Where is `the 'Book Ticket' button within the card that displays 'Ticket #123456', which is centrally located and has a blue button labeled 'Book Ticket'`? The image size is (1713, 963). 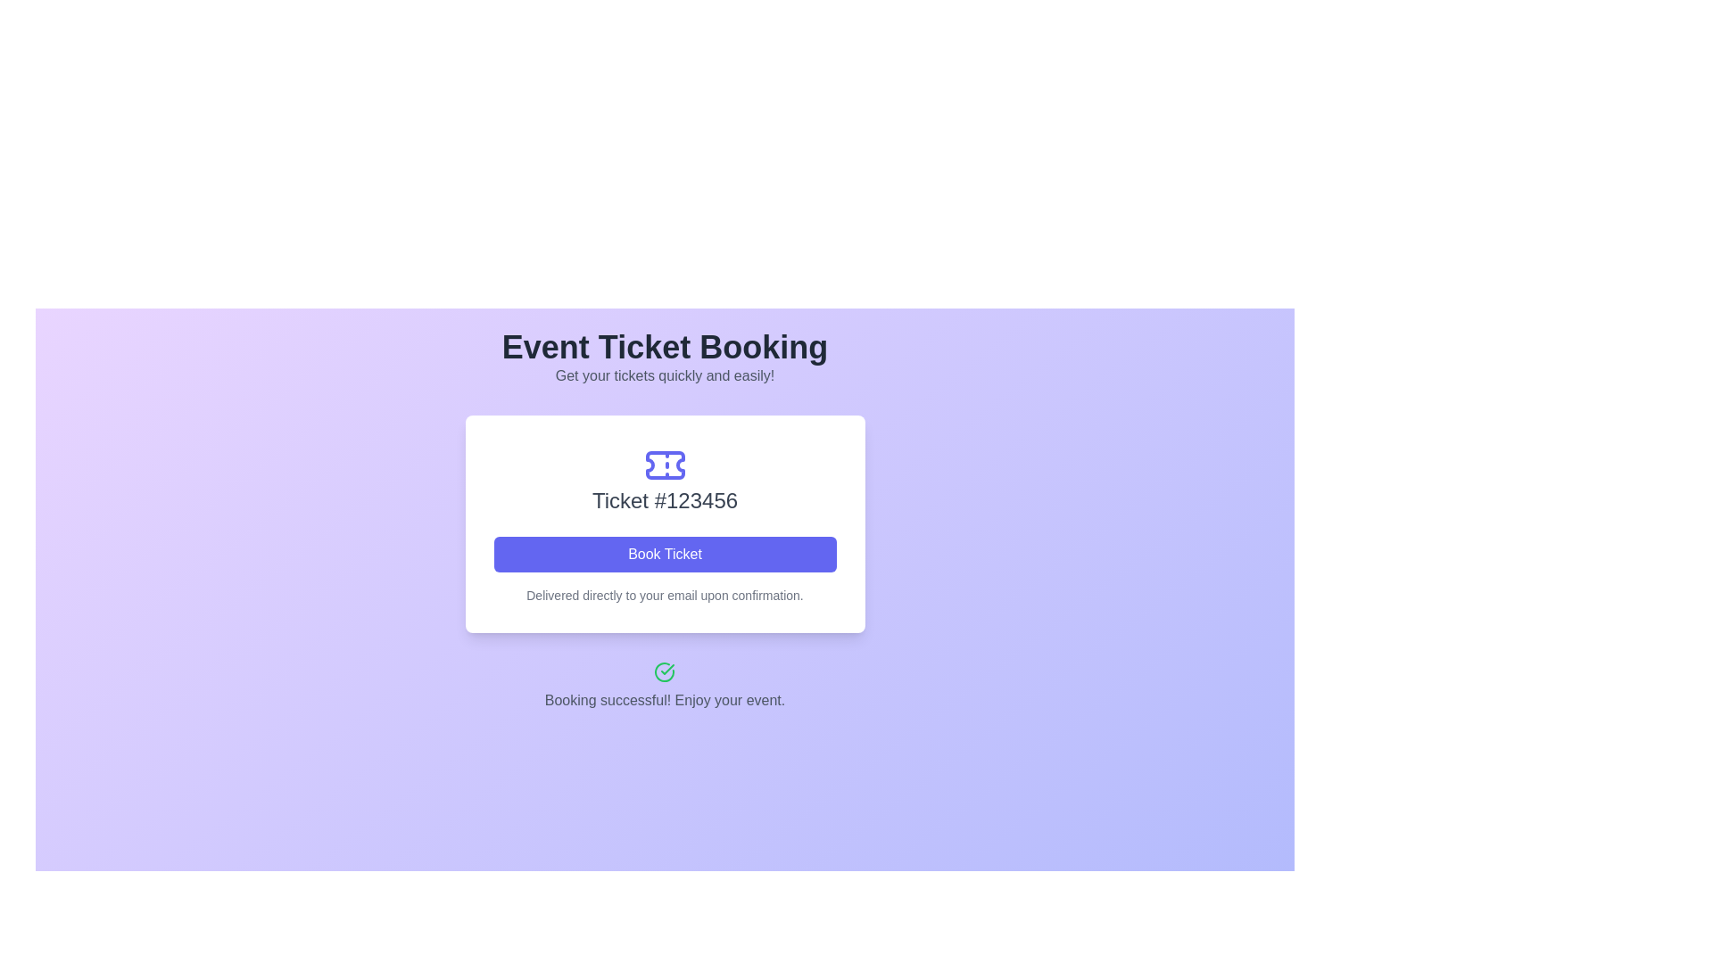 the 'Book Ticket' button within the card that displays 'Ticket #123456', which is centrally located and has a blue button labeled 'Book Ticket' is located at coordinates (664, 523).